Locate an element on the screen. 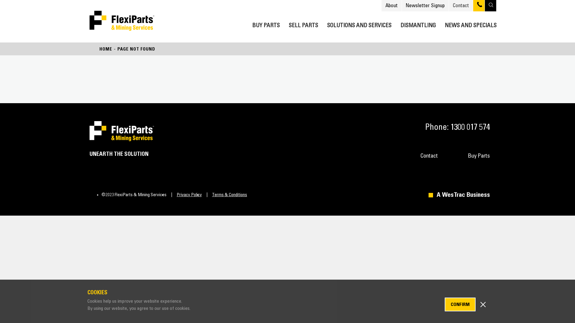  'Buy Parts' is located at coordinates (478, 156).